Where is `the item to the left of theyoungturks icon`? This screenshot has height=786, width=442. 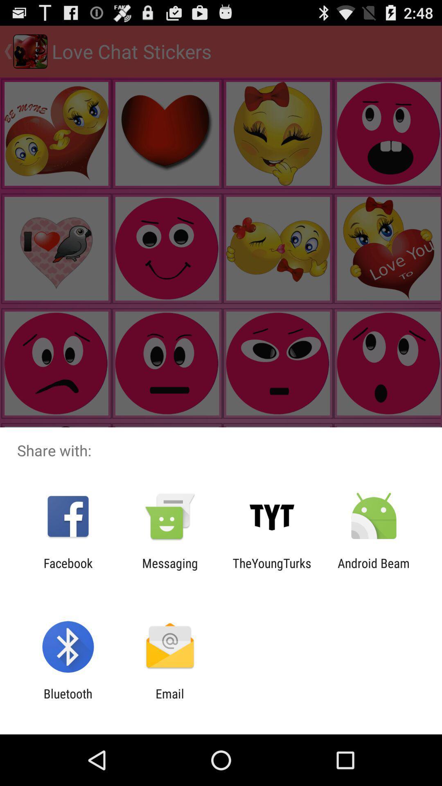 the item to the left of theyoungturks icon is located at coordinates (169, 570).